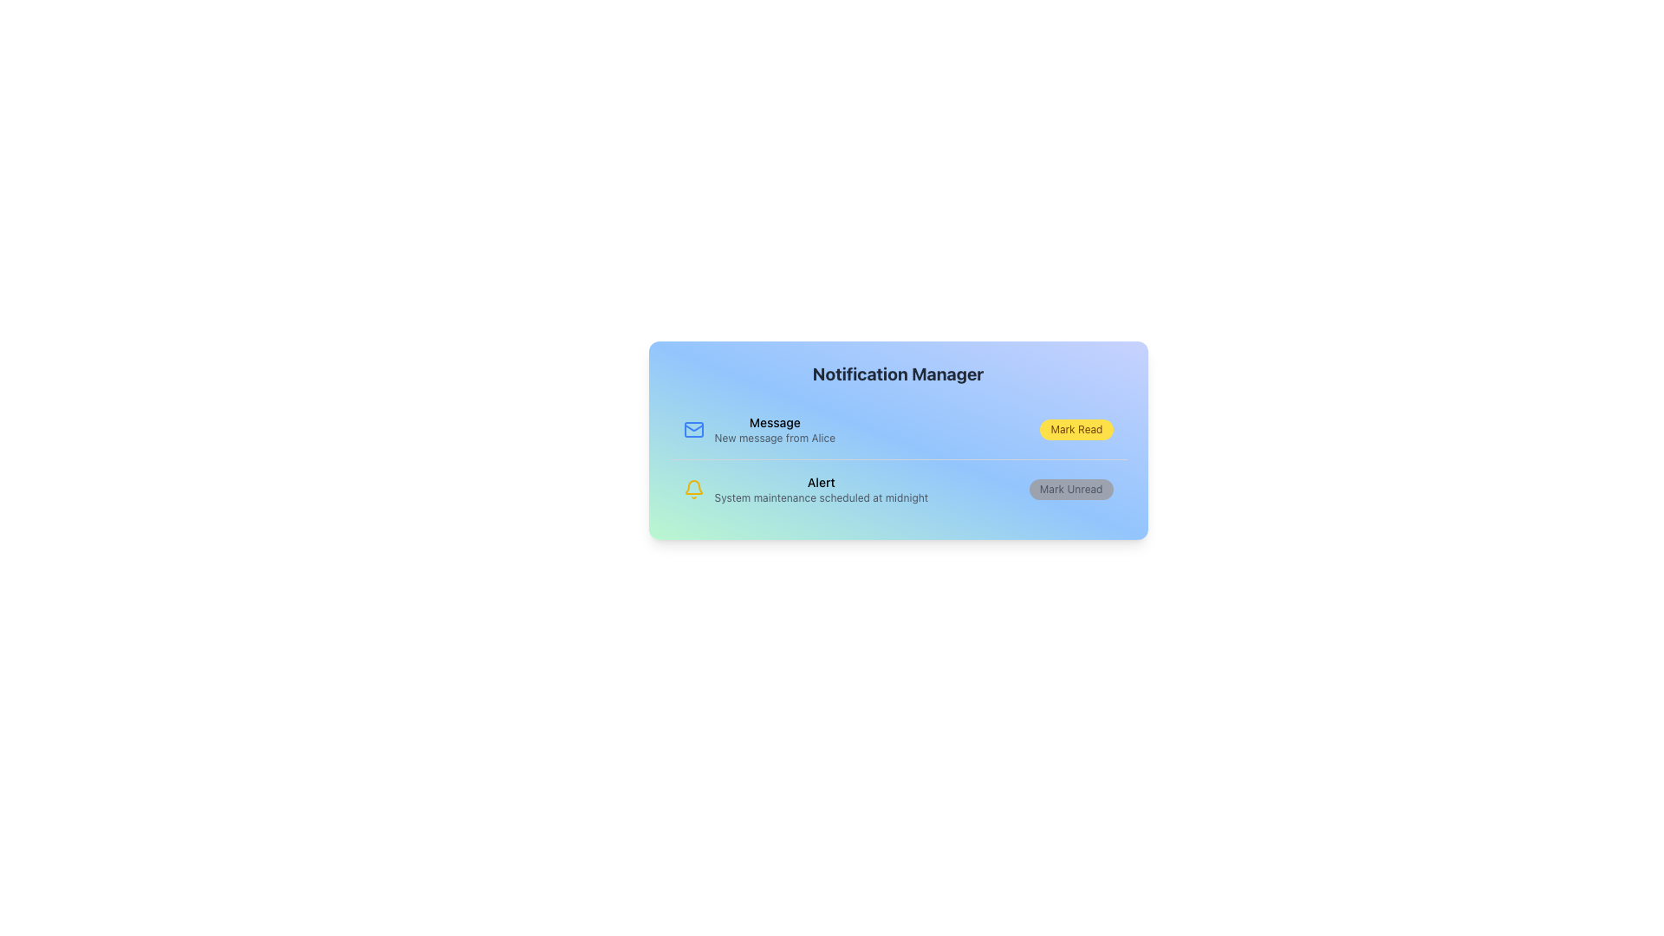 The width and height of the screenshot is (1664, 936). Describe the element at coordinates (820, 489) in the screenshot. I see `the alert notification Text Block that provides information about scheduled system maintenance, located beneath the message from Alice and next to the yellow bell icon` at that location.